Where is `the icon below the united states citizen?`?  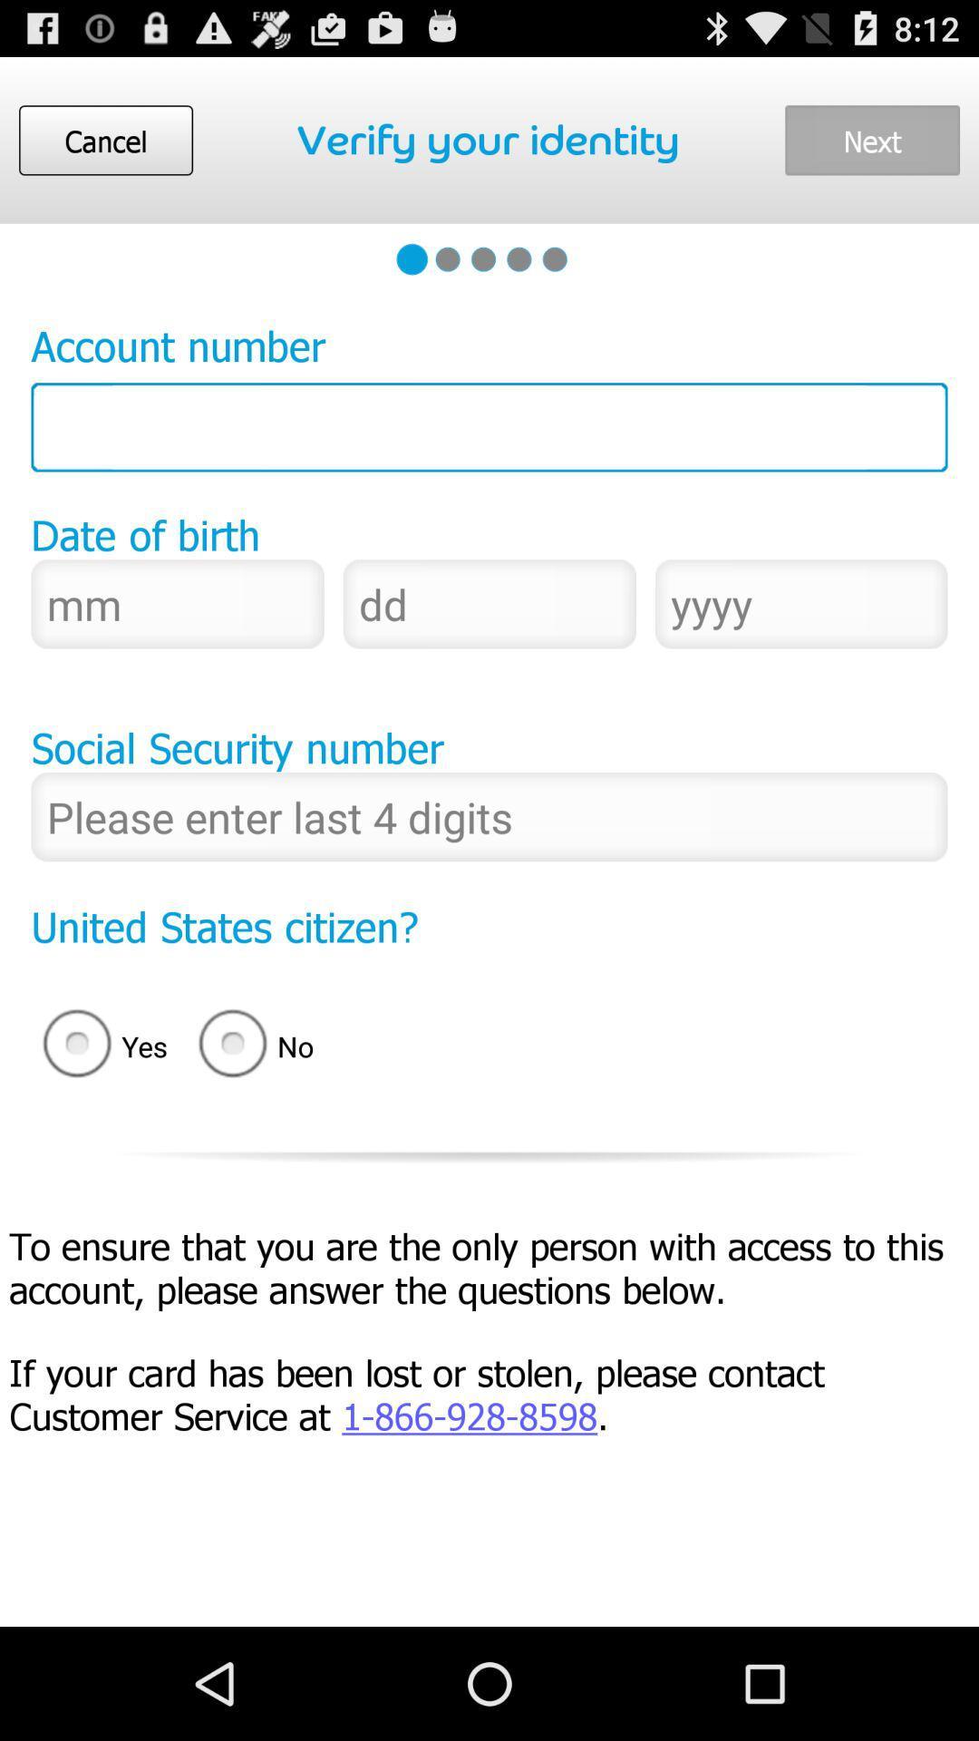
the icon below the united states citizen? is located at coordinates (262, 1046).